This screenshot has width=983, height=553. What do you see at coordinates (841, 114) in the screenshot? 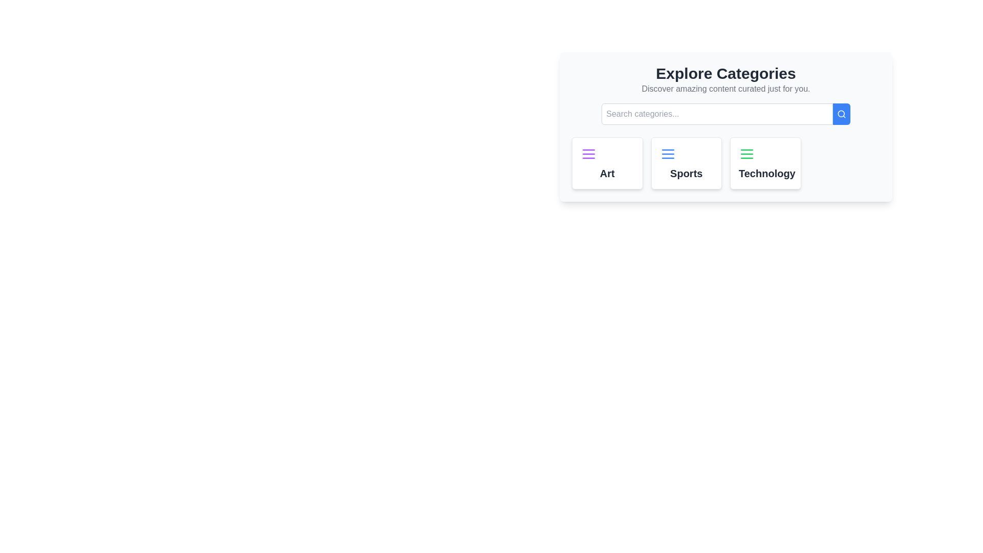
I see `the search action trigger icon located at the top-right corner of the search bar` at bounding box center [841, 114].